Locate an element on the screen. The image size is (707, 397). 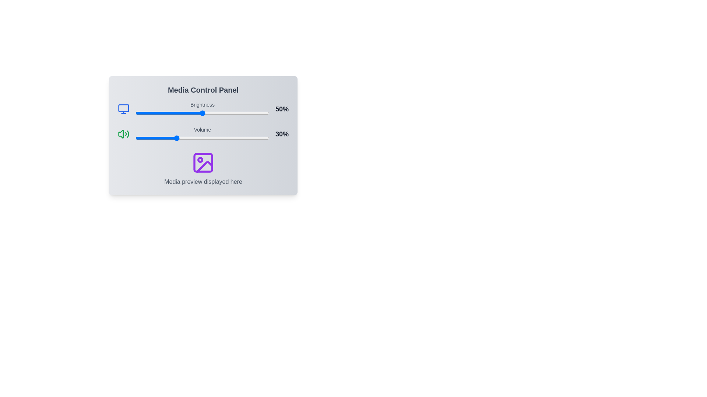
the brightness slider to set the brightness level to 17 is located at coordinates (158, 113).